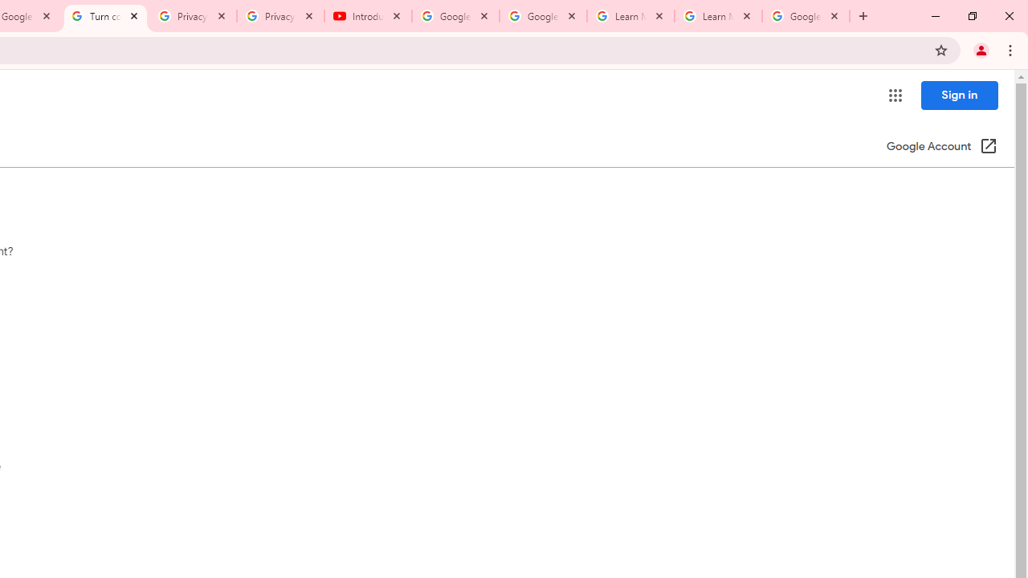  I want to click on 'Introduction | Google Privacy Policy - YouTube', so click(367, 16).